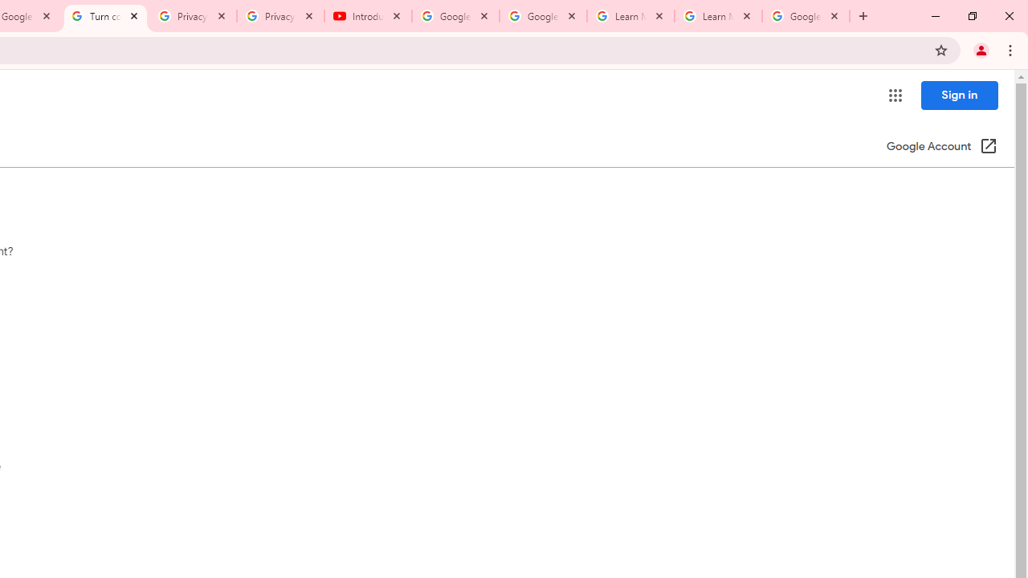  I want to click on 'Introduction | Google Privacy Policy - YouTube', so click(367, 16).